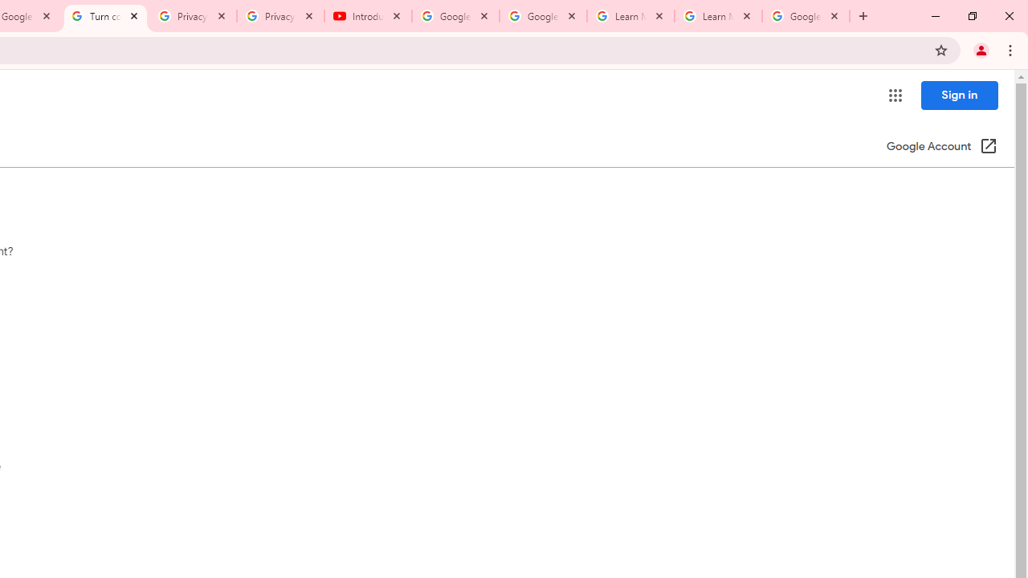  I want to click on 'Introduction | Google Privacy Policy - YouTube', so click(367, 16).